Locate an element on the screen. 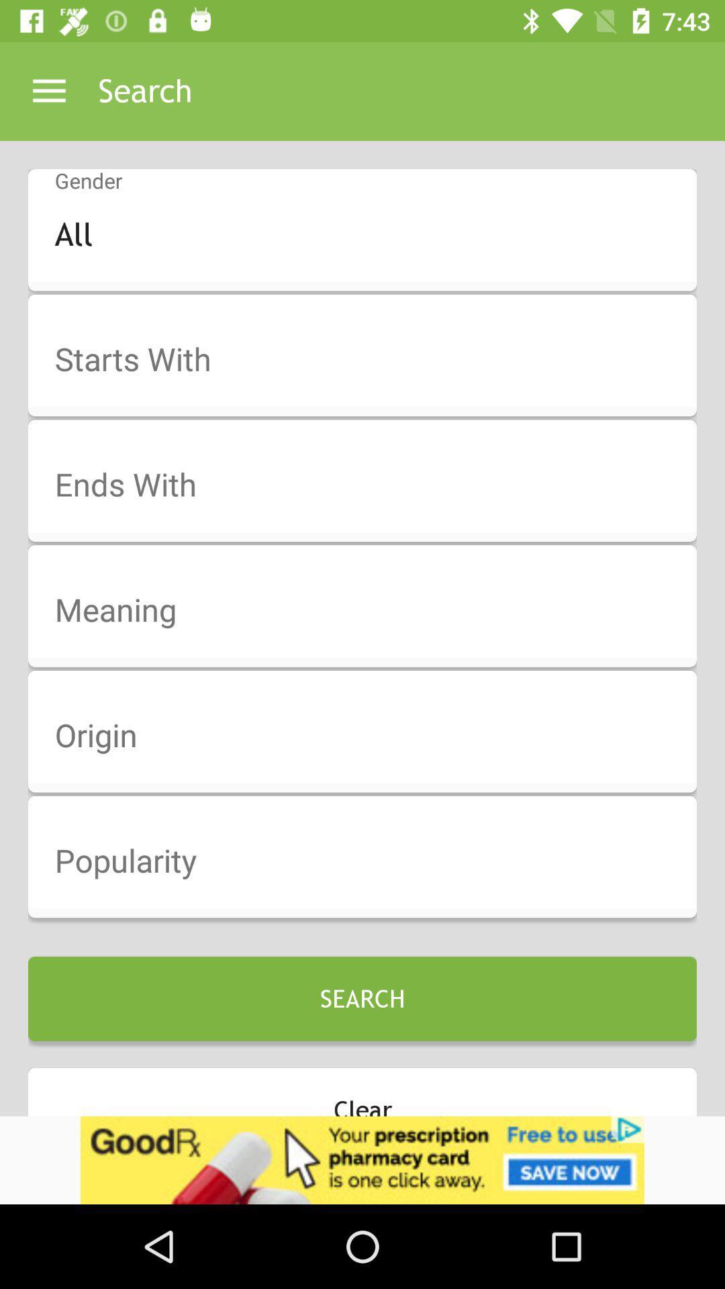 This screenshot has width=725, height=1289. staets with box is located at coordinates (371, 360).